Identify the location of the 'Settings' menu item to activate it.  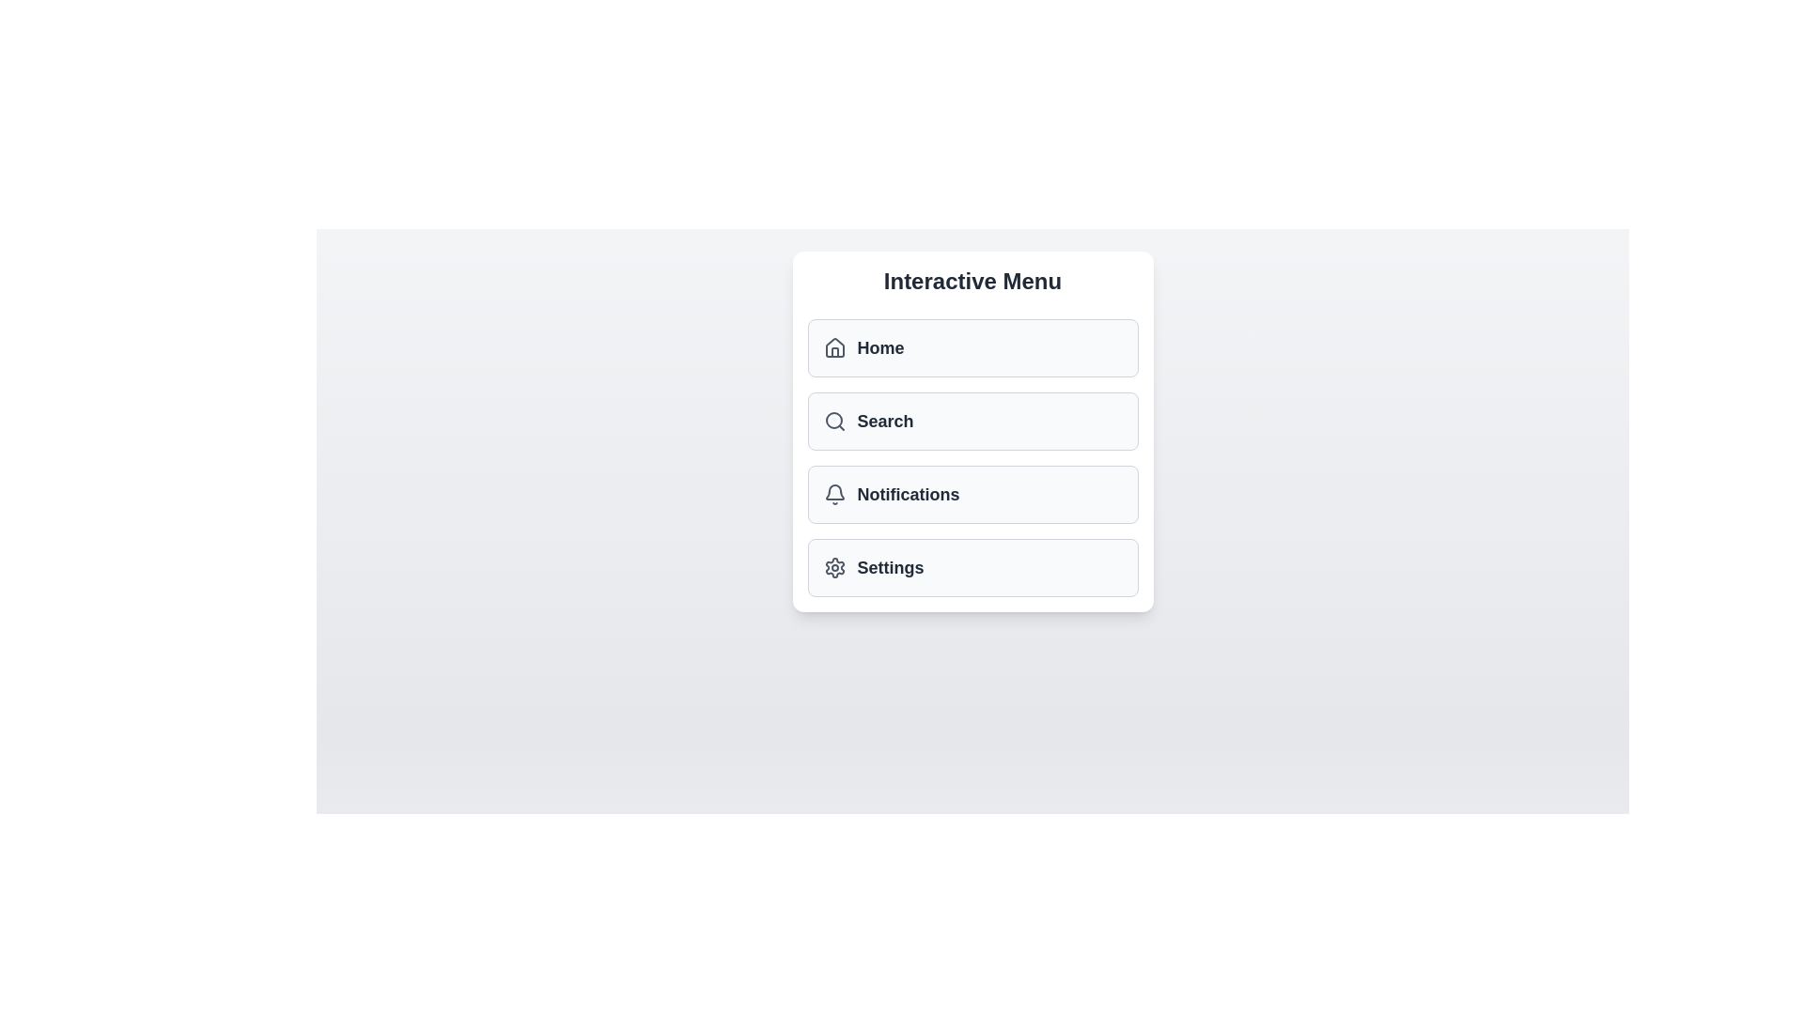
(972, 567).